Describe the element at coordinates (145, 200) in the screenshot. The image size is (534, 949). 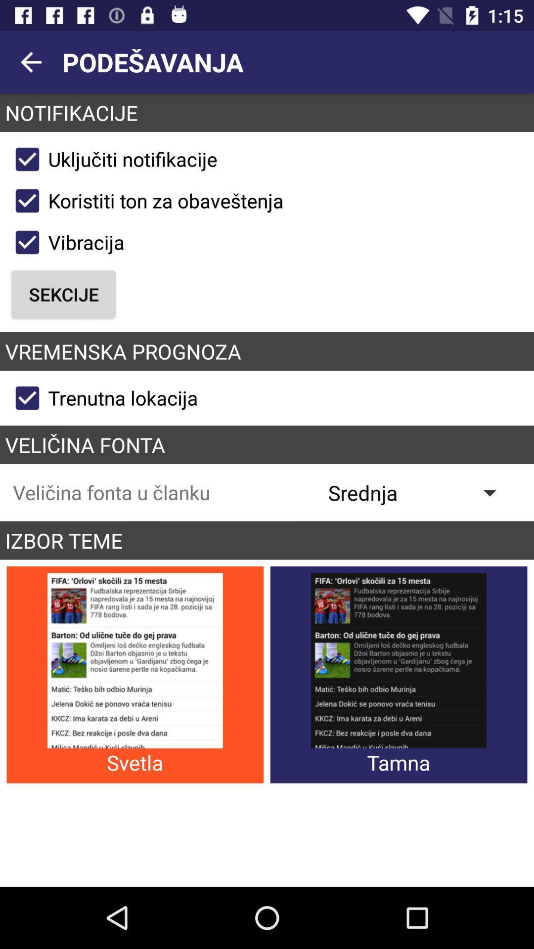
I see `koristiti ton za` at that location.